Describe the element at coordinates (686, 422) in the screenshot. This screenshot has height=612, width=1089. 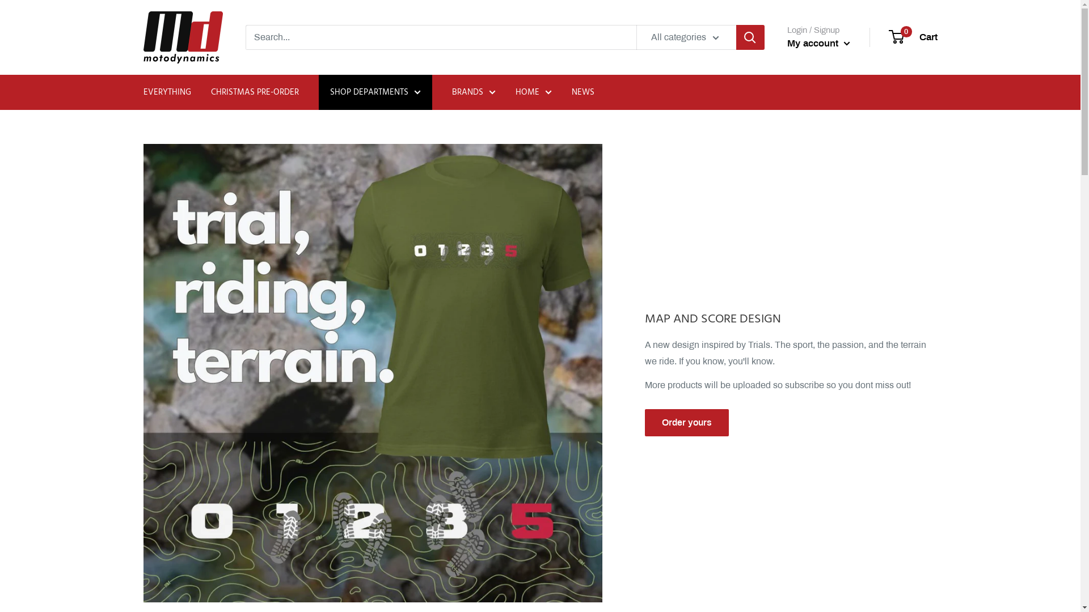
I see `'Order yours'` at that location.